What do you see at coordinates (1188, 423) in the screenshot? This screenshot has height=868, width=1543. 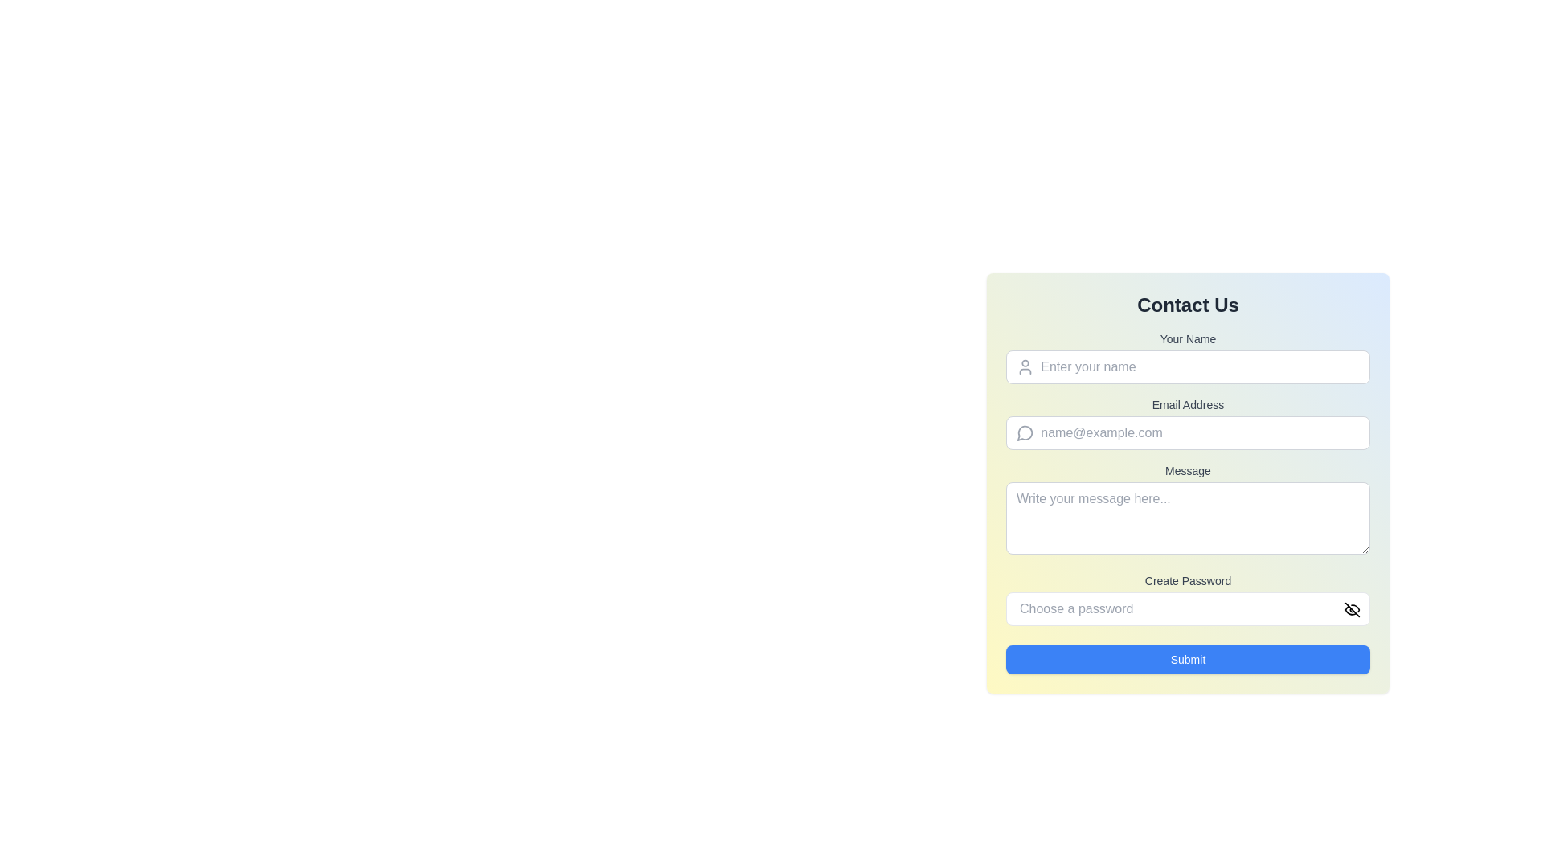 I see `the email input field located below 'Your Name' and above 'Message' in the 'Contact Us' form` at bounding box center [1188, 423].